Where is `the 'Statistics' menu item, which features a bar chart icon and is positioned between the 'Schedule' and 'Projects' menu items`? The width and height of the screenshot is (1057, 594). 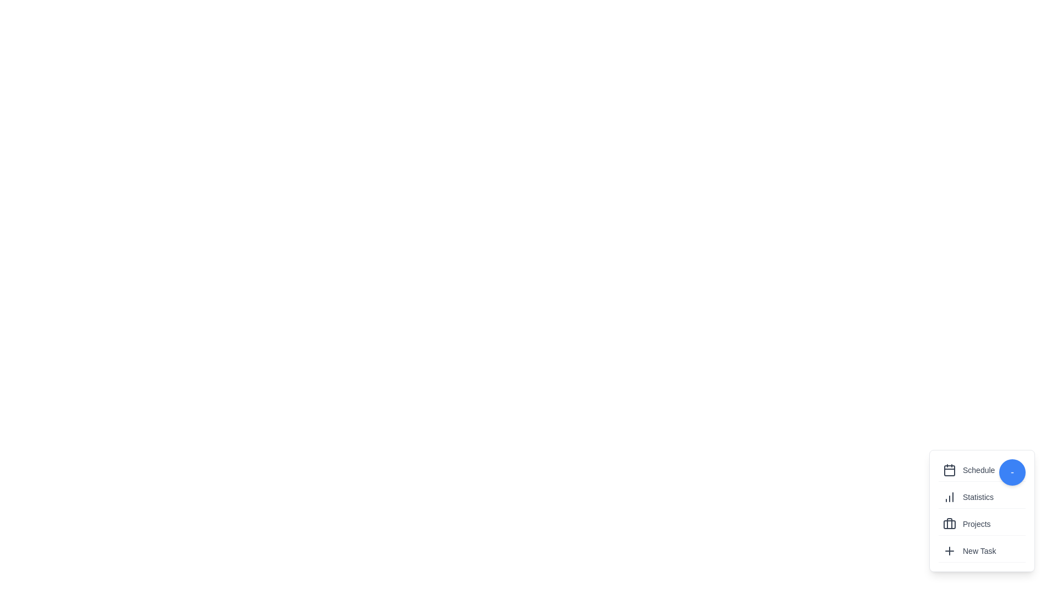 the 'Statistics' menu item, which features a bar chart icon and is positioned between the 'Schedule' and 'Projects' menu items is located at coordinates (982, 497).